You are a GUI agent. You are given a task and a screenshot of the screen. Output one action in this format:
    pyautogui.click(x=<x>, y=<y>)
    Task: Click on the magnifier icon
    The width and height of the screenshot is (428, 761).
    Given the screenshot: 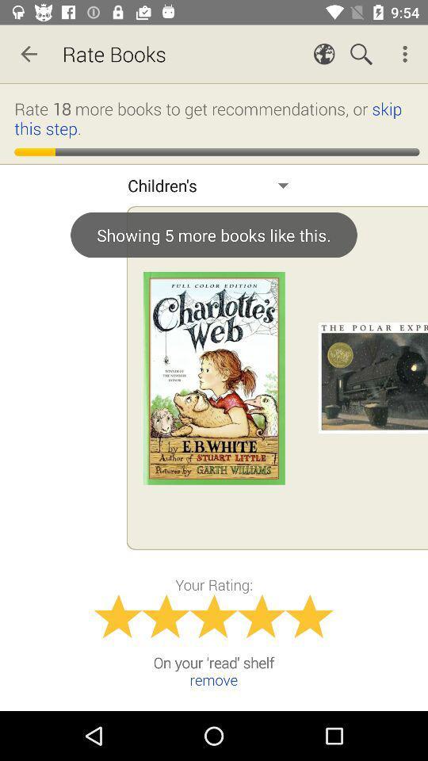 What is the action you would take?
    pyautogui.click(x=361, y=54)
    